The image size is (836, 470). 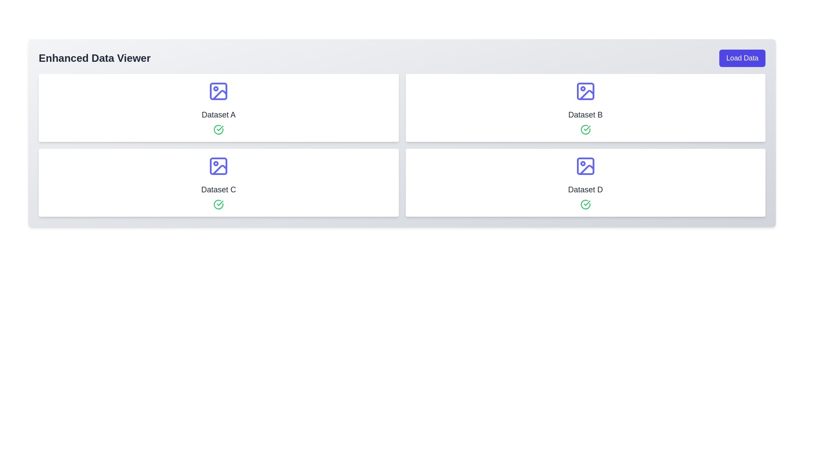 I want to click on the status indicator icon located within the 'Dataset A' content box, positioned below the text 'Dataset A', so click(x=219, y=129).